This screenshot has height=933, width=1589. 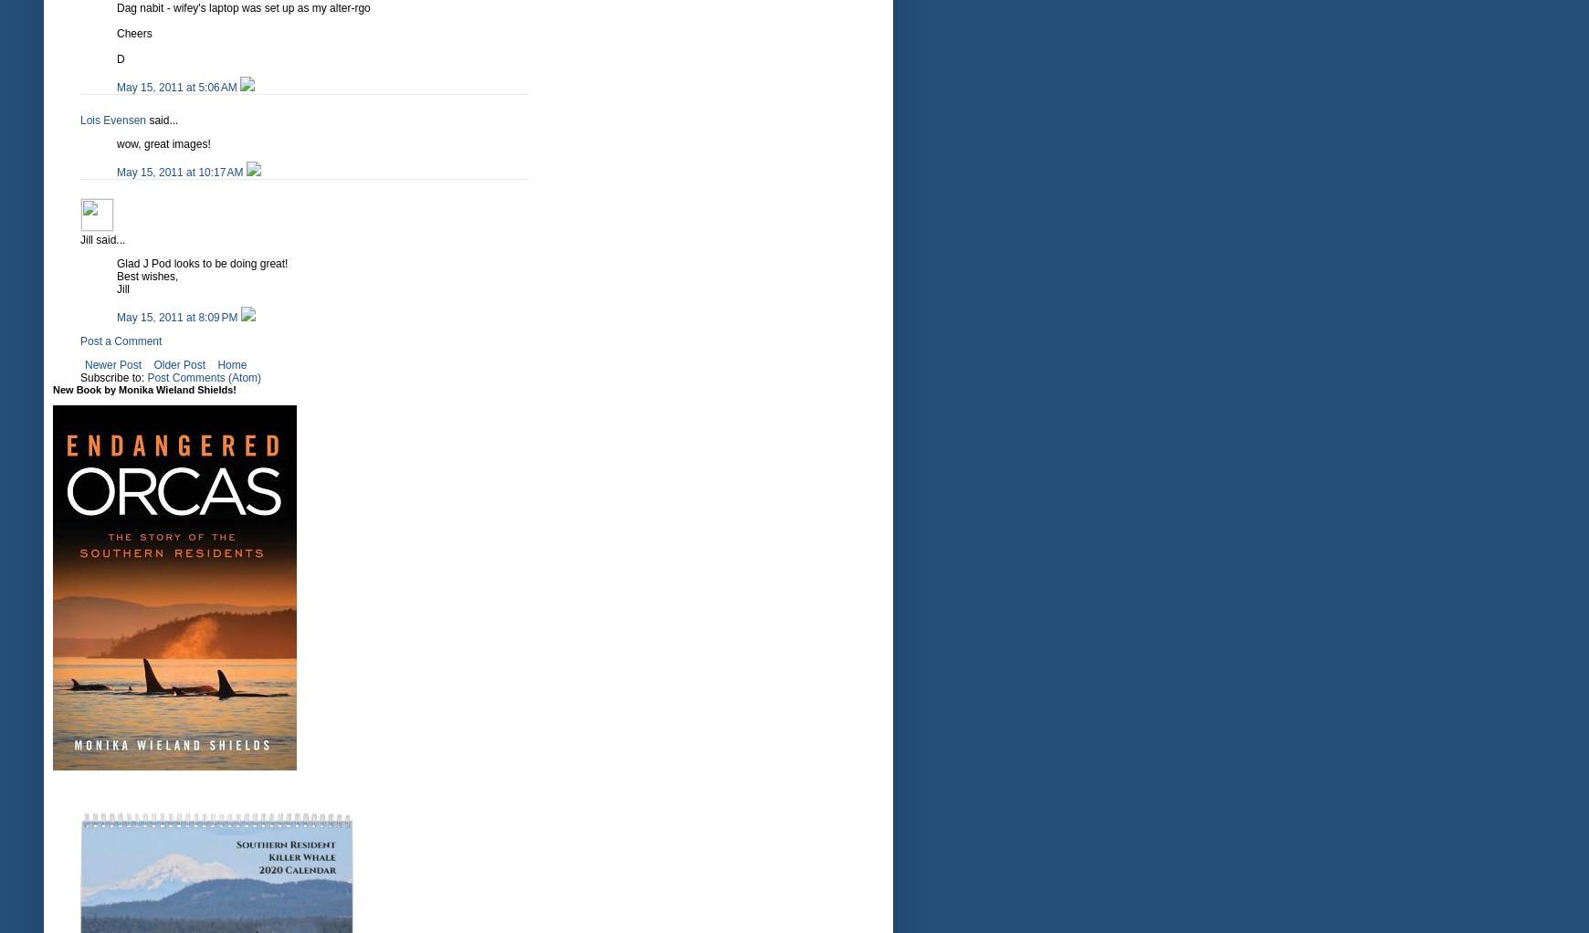 What do you see at coordinates (204, 378) in the screenshot?
I see `'Post Comments (Atom)'` at bounding box center [204, 378].